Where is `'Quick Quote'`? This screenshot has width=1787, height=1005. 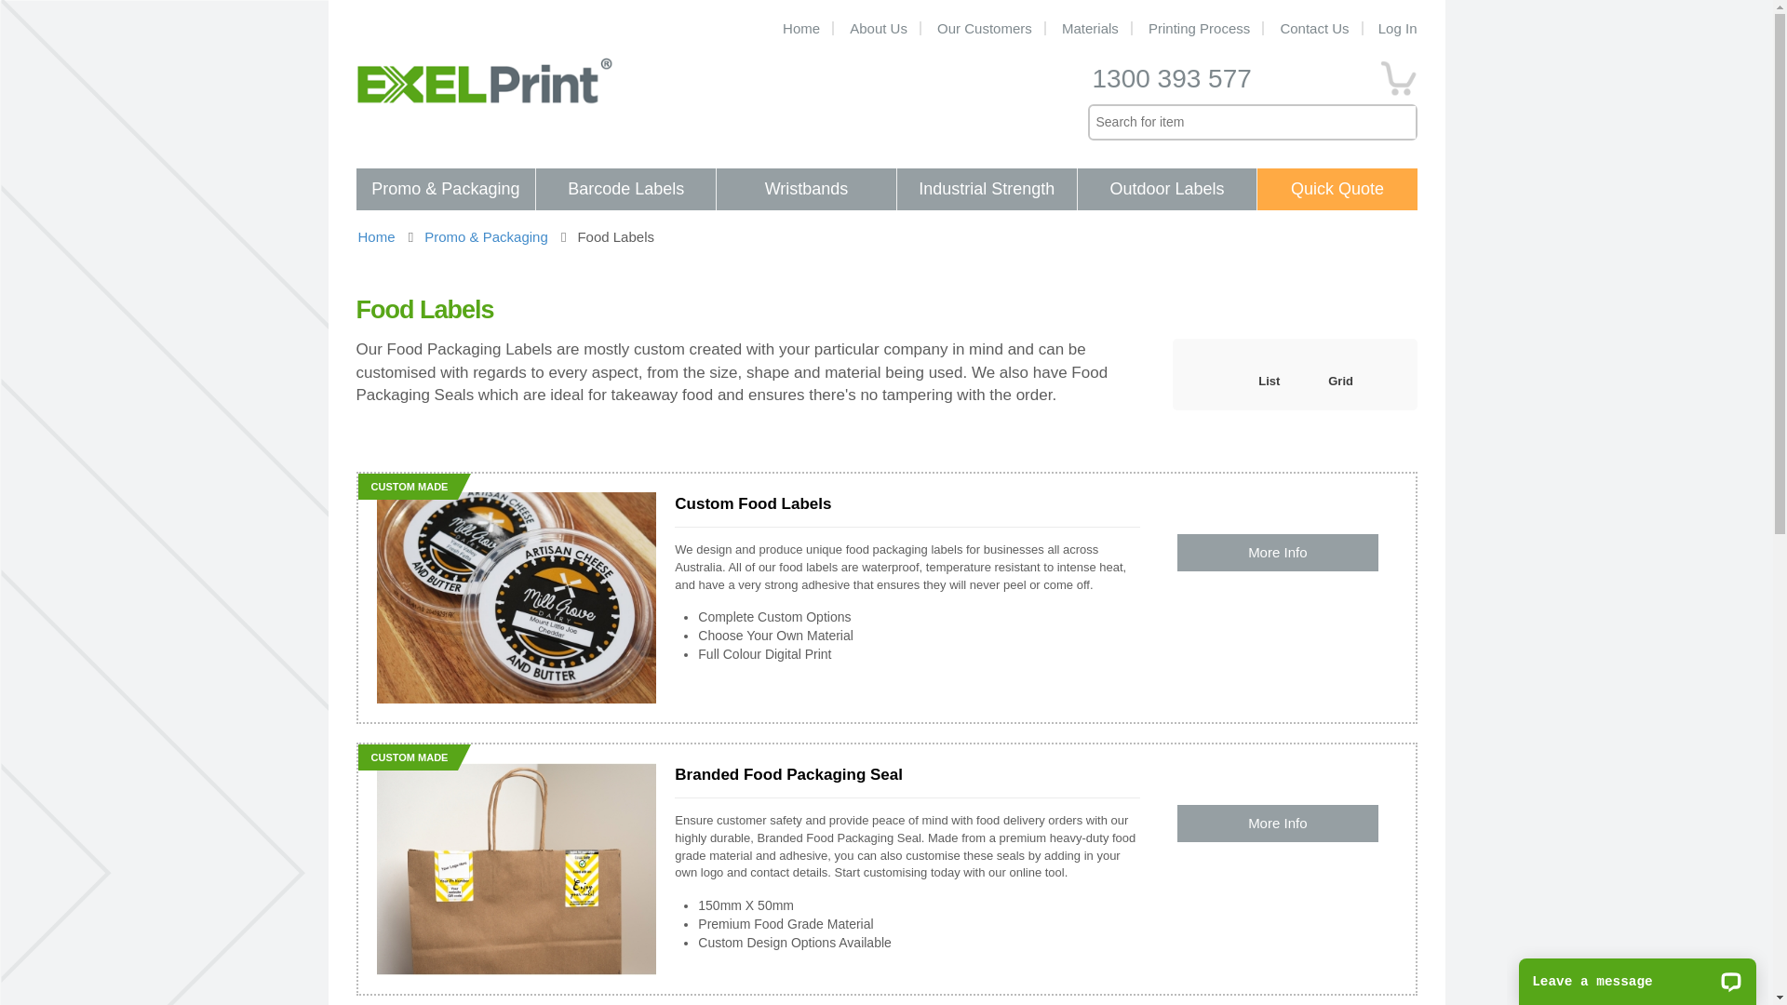 'Quick Quote' is located at coordinates (1336, 189).